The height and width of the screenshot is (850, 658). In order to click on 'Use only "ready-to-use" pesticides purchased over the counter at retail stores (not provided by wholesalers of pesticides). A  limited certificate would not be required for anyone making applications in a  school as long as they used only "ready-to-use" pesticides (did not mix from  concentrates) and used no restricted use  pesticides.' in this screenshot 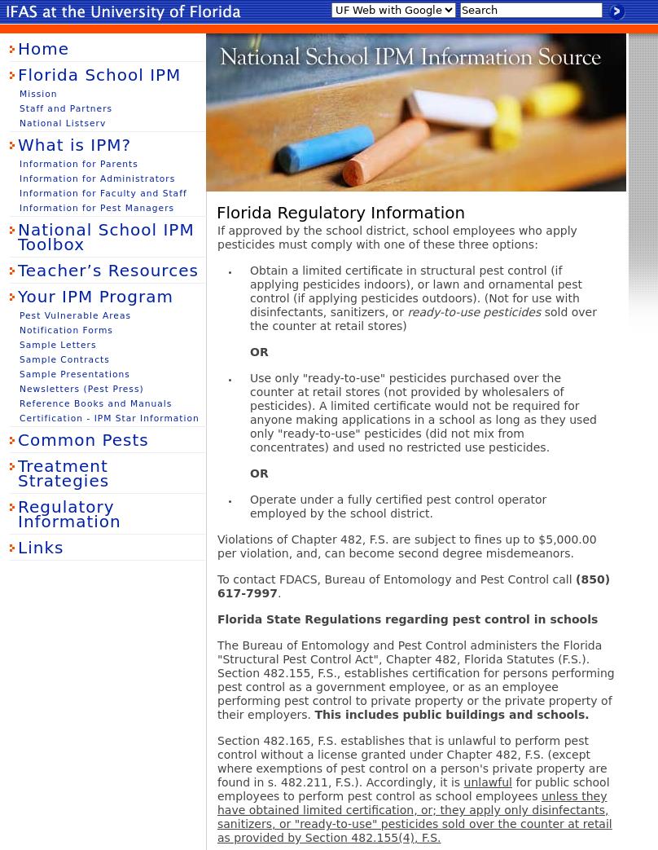, I will do `click(249, 412)`.